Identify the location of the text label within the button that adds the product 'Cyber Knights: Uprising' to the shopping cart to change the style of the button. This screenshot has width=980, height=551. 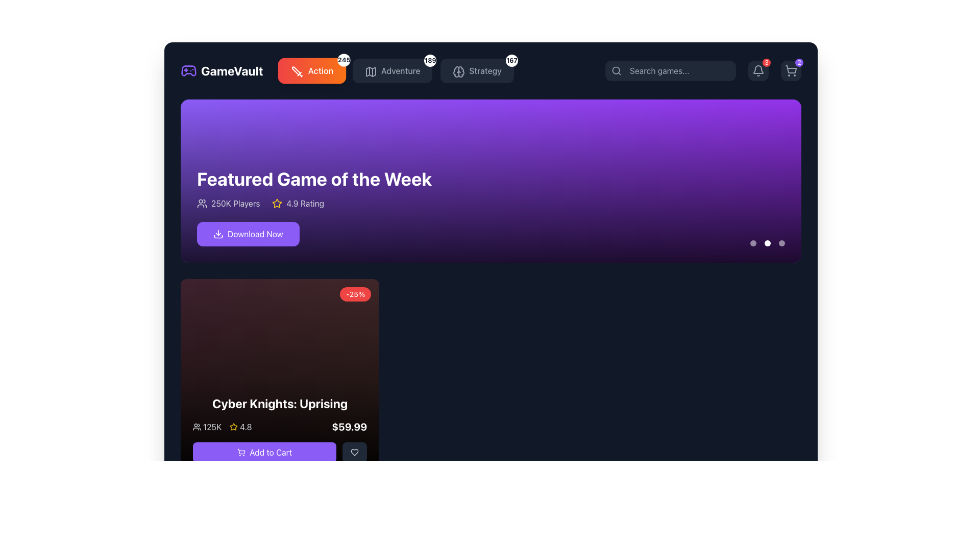
(271, 452).